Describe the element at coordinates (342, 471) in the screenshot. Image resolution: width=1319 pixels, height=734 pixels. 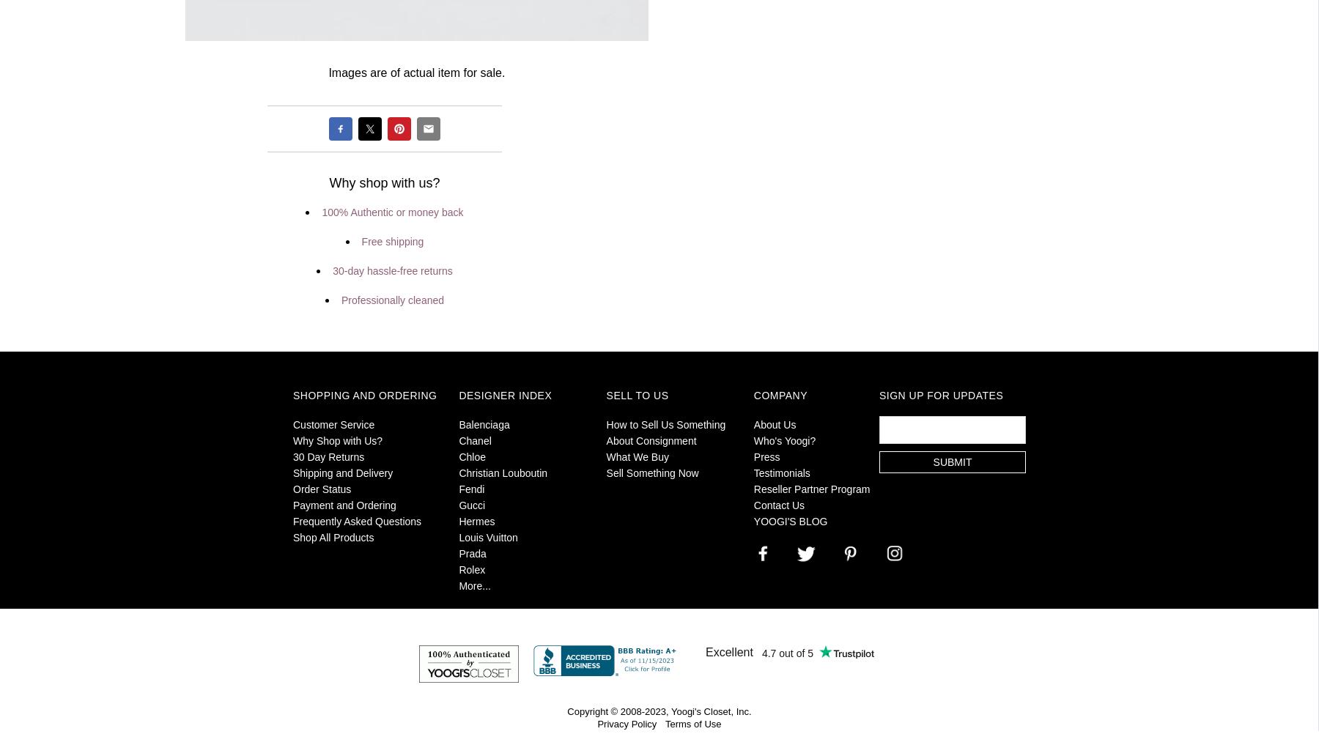
I see `'Shipping and Delivery'` at that location.